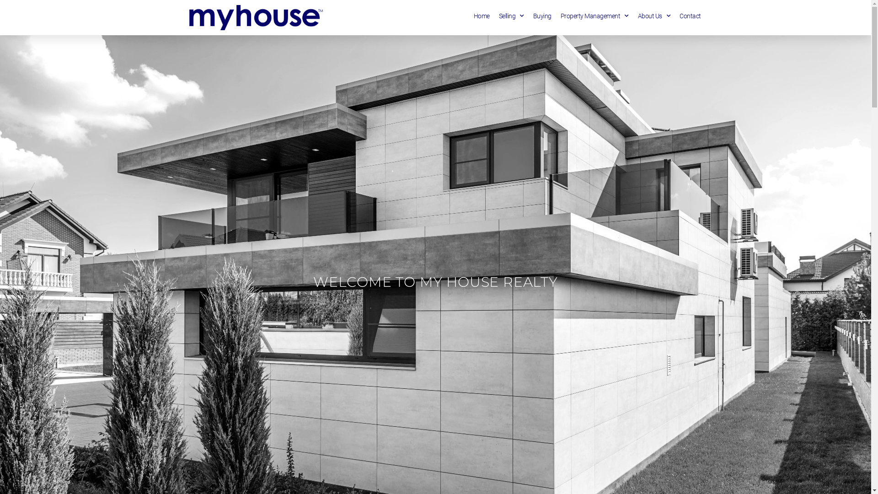  What do you see at coordinates (542, 16) in the screenshot?
I see `'Buying'` at bounding box center [542, 16].